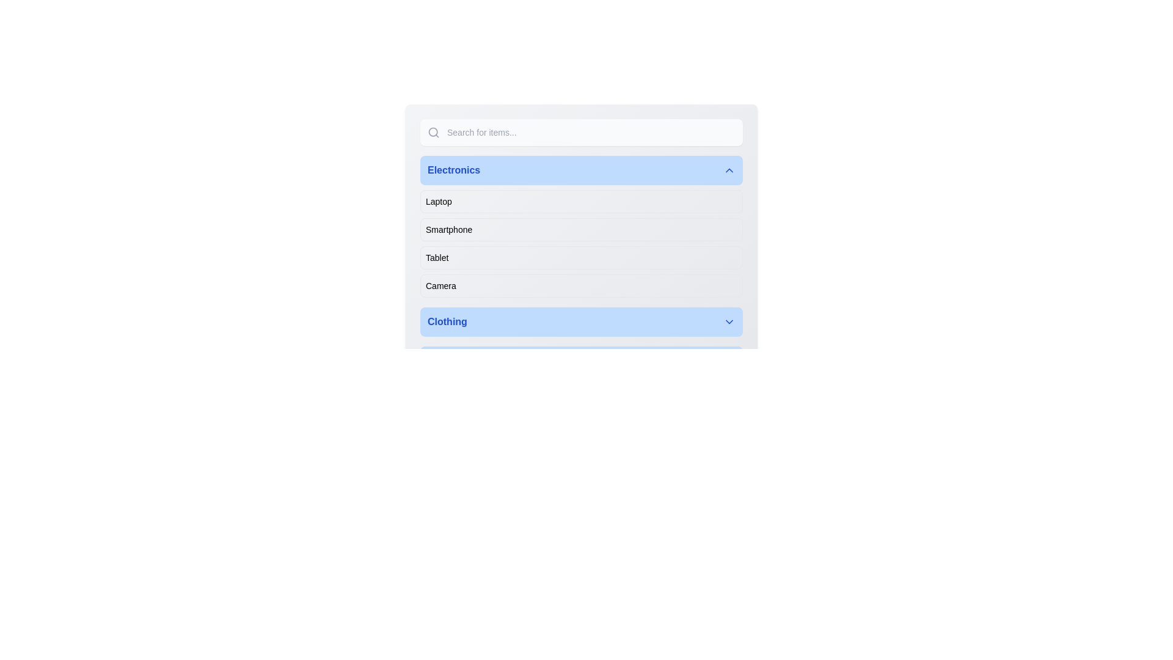 The width and height of the screenshot is (1173, 660). Describe the element at coordinates (580, 229) in the screenshot. I see `the 'Smartphone' menu item, which is the second item in the 'Electronics' section of the collapsible menu` at that location.